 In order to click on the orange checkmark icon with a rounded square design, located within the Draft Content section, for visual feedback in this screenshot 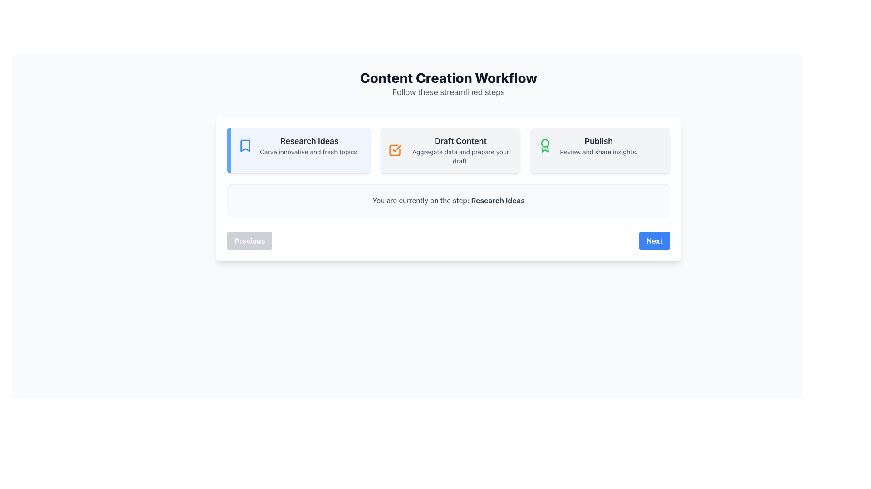, I will do `click(395, 149)`.